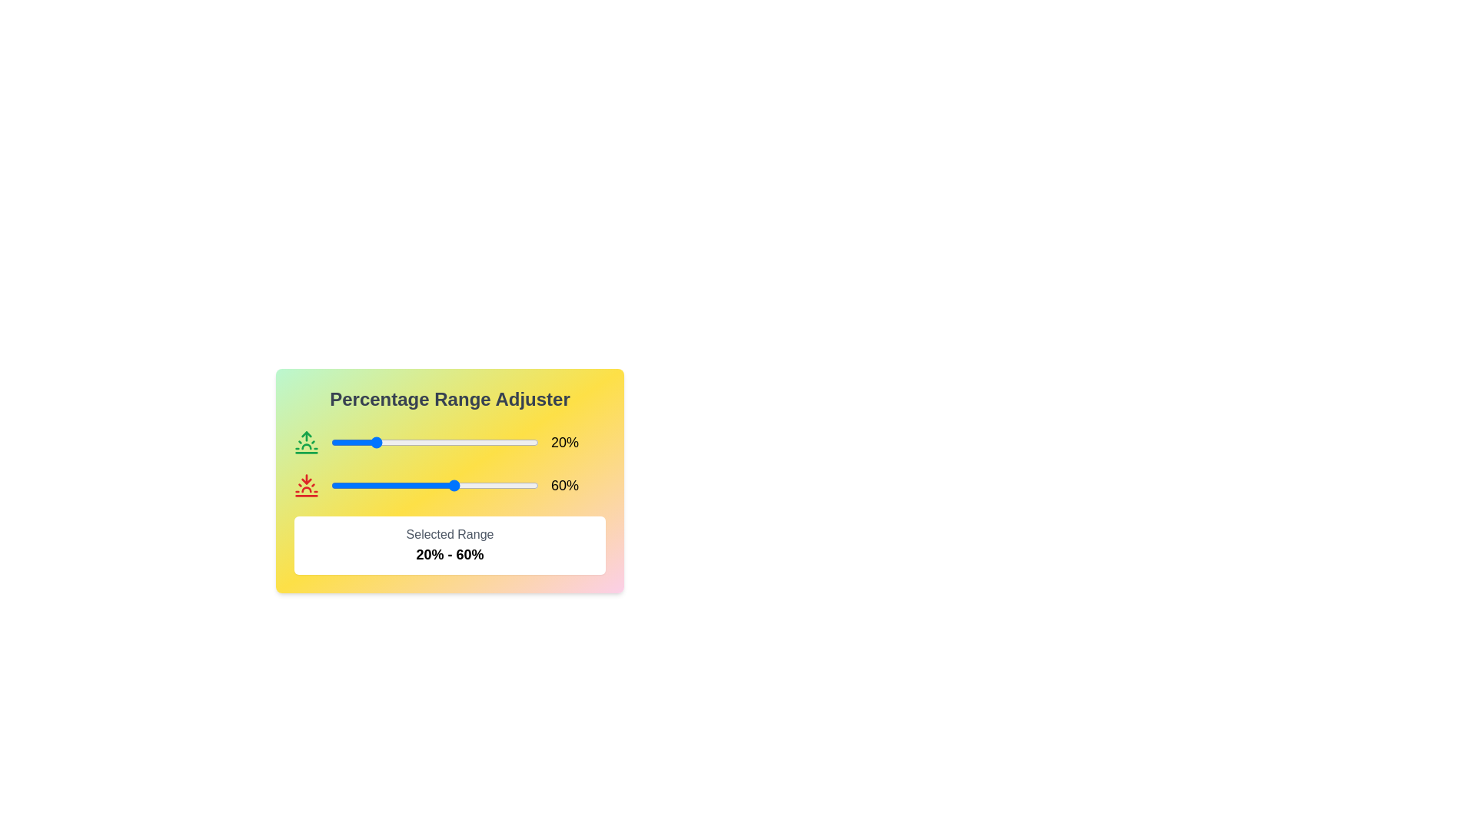 Image resolution: width=1476 pixels, height=830 pixels. Describe the element at coordinates (407, 486) in the screenshot. I see `the slider position` at that location.